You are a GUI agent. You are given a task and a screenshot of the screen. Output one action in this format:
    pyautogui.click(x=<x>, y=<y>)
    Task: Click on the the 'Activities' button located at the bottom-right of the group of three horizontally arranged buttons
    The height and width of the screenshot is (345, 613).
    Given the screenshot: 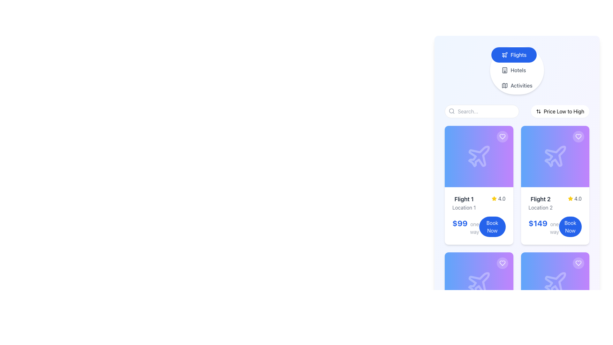 What is the action you would take?
    pyautogui.click(x=517, y=85)
    